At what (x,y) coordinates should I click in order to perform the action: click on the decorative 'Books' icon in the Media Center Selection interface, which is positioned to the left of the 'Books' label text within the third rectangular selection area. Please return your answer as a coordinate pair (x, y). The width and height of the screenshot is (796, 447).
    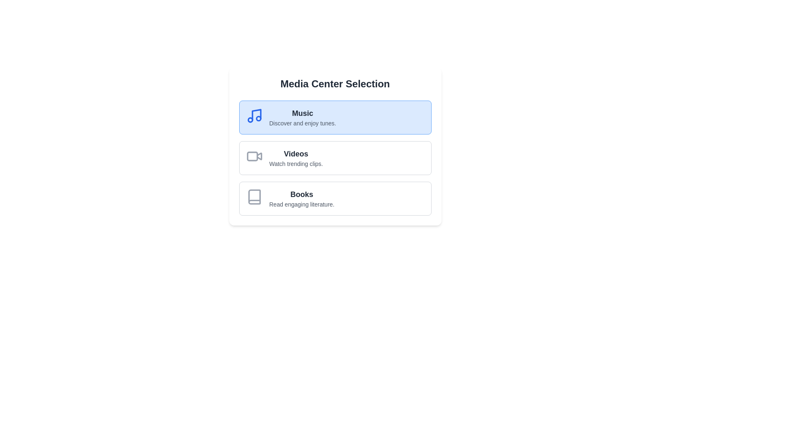
    Looking at the image, I should click on (254, 197).